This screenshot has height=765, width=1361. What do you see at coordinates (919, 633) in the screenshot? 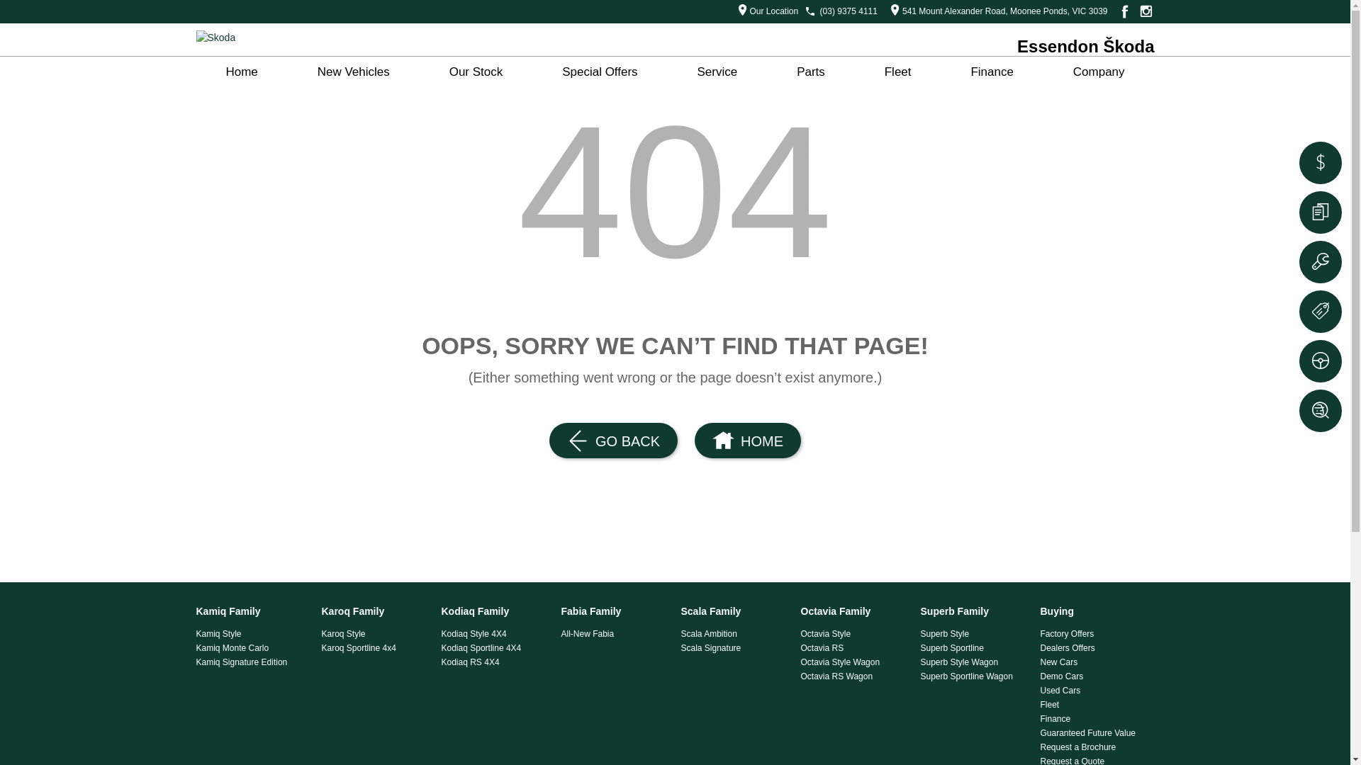
I see `'Superb Style'` at bounding box center [919, 633].